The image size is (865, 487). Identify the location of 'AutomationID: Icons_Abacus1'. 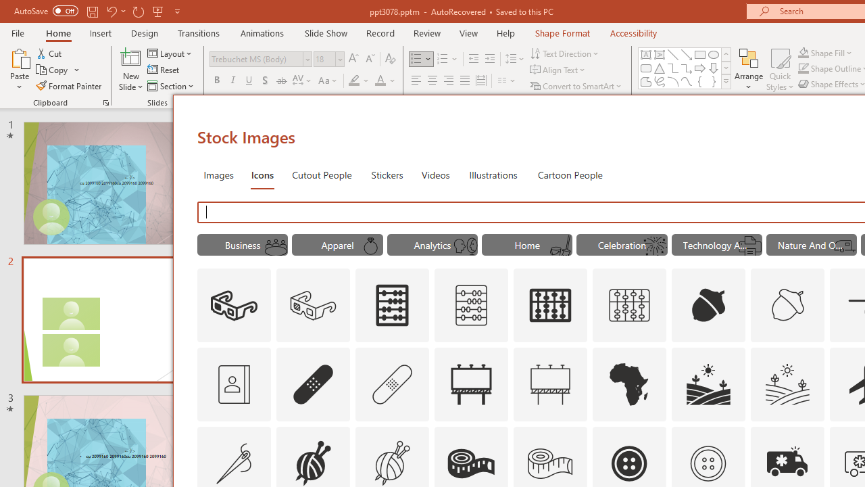
(551, 306).